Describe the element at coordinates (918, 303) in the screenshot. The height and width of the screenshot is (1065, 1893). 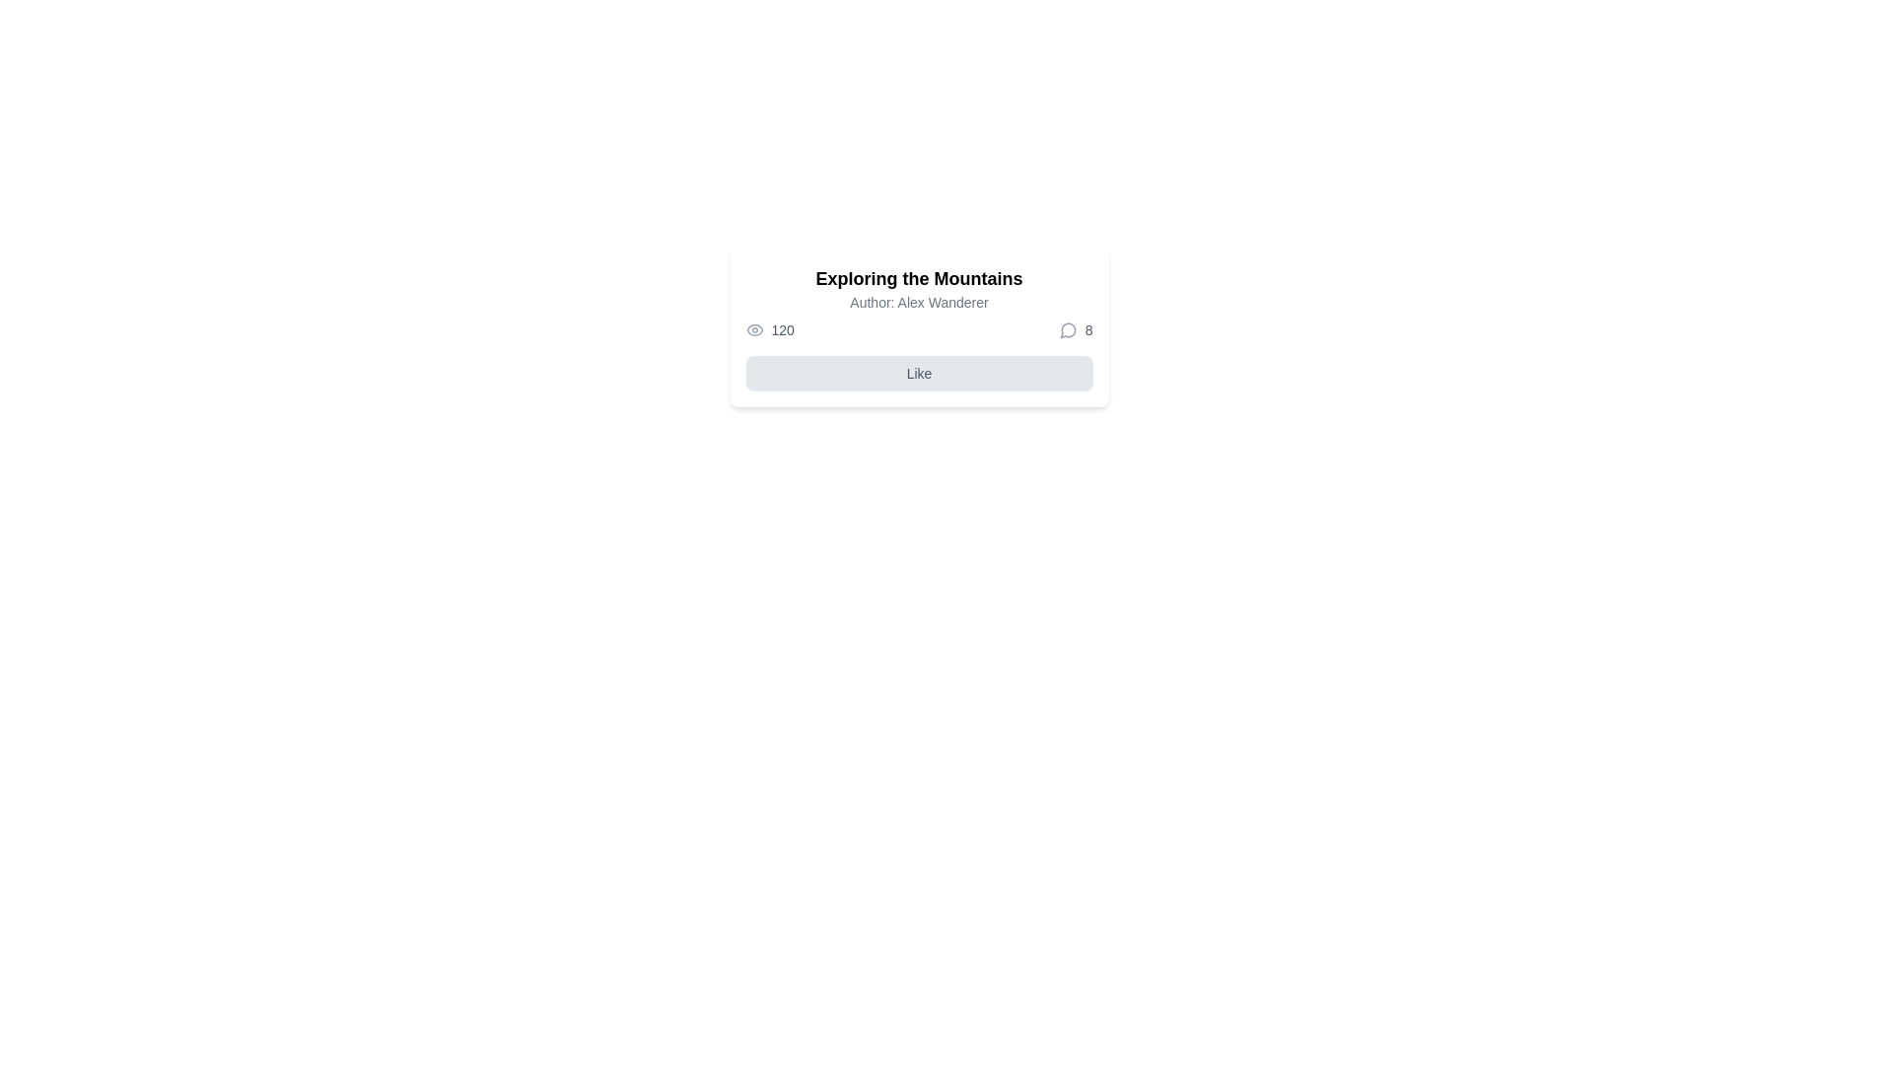
I see `the text label displaying the author's name, which is positioned below the heading 'Exploring the Mountains' and above the engagement metrics` at that location.